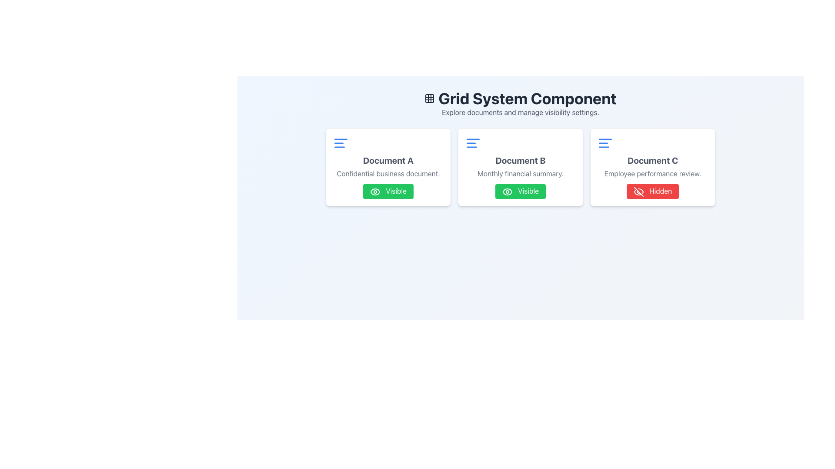  Describe the element at coordinates (387, 191) in the screenshot. I see `the rectangular button with a green background, white eye icon, and the text 'Visible'` at that location.